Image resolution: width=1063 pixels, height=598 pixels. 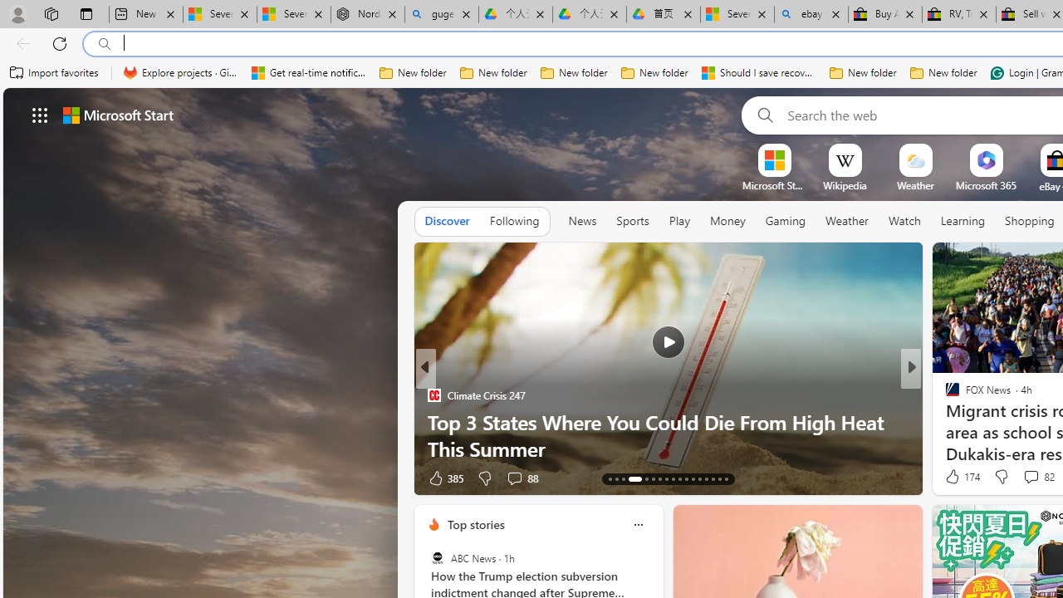 I want to click on 'AutomationID: tab-14', so click(x=616, y=479).